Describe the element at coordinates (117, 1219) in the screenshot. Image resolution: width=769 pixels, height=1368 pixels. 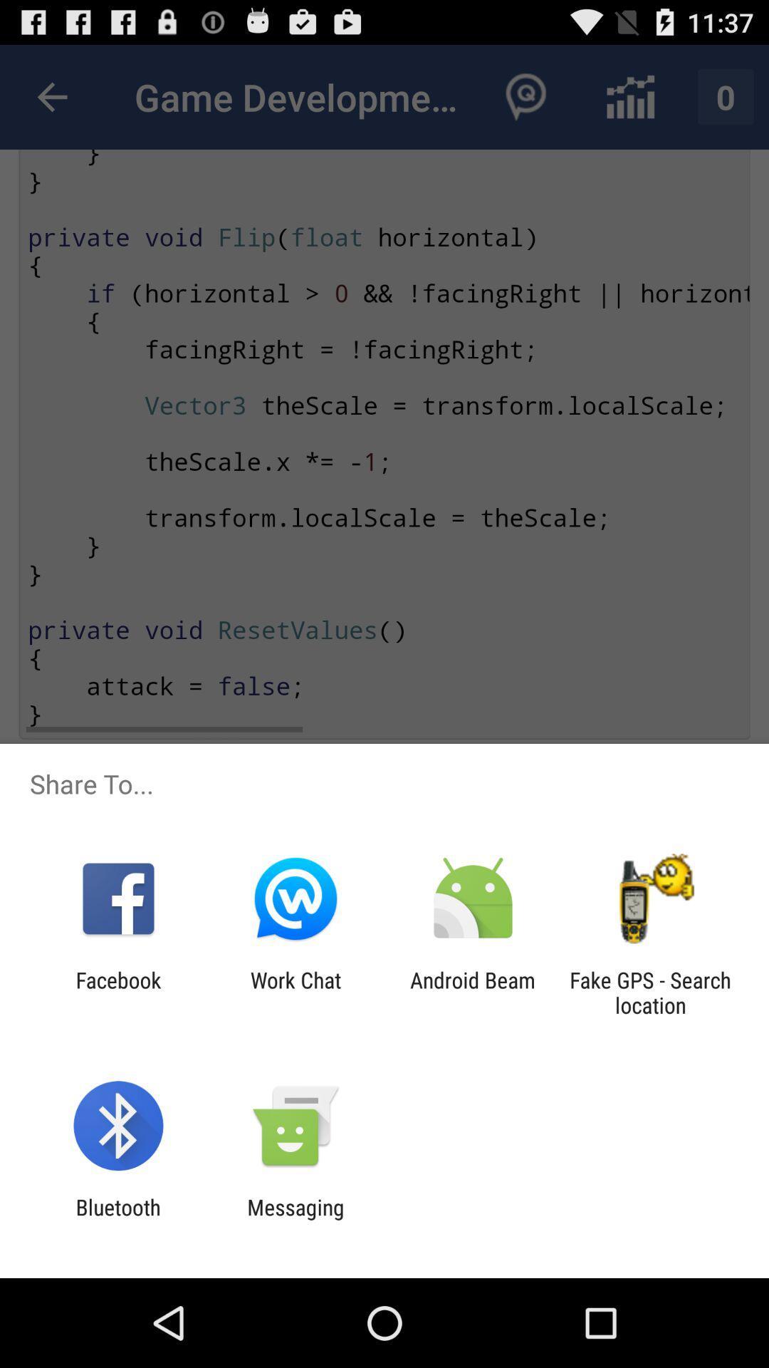
I see `icon to the left of messaging app` at that location.